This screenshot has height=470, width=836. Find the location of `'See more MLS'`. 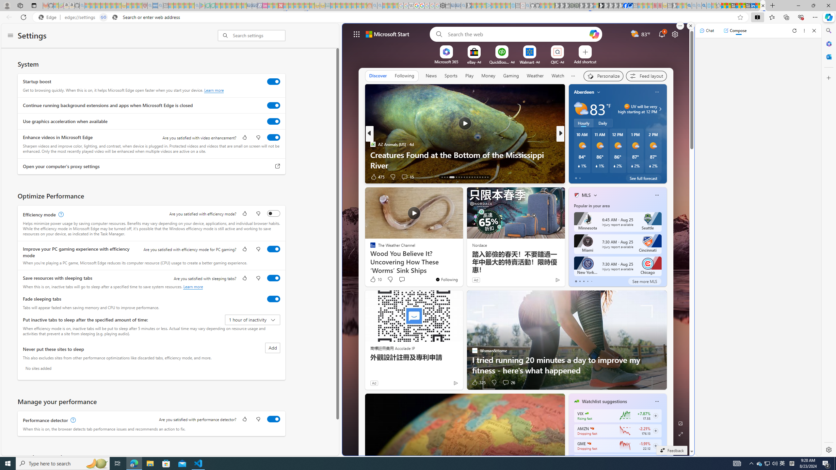

'See more MLS' is located at coordinates (644, 281).